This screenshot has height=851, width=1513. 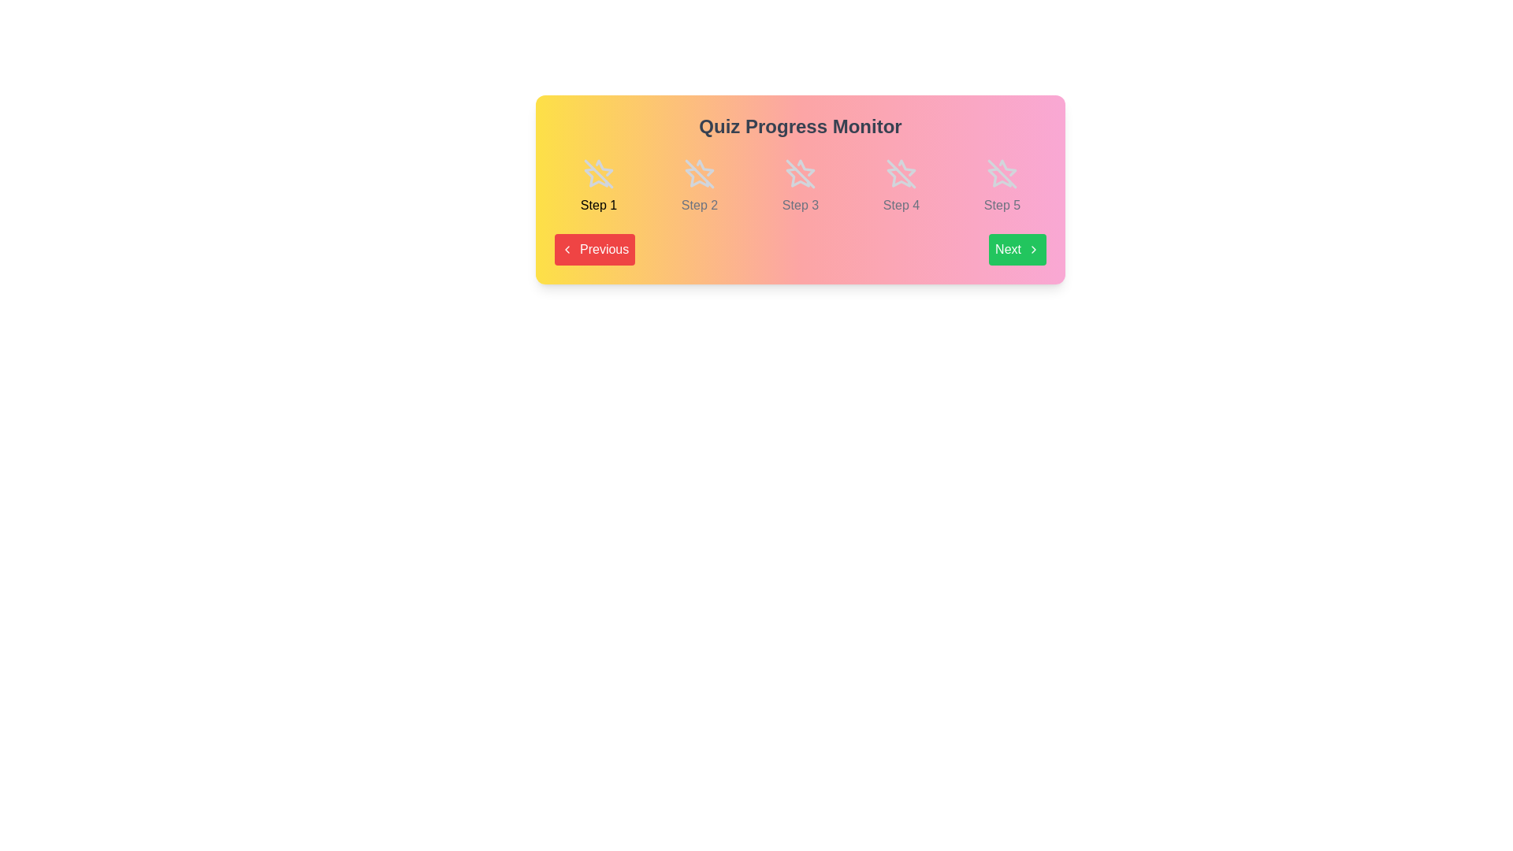 I want to click on the third step of the Progress indicator, labeled 'Step 3', to mark it as selected or active, so click(x=801, y=185).